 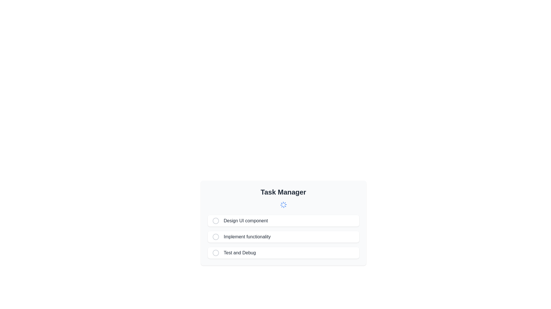 What do you see at coordinates (283, 205) in the screenshot?
I see `the spinner located beneath the 'Task Manager' header to understand the loading status of the ongoing background process` at bounding box center [283, 205].